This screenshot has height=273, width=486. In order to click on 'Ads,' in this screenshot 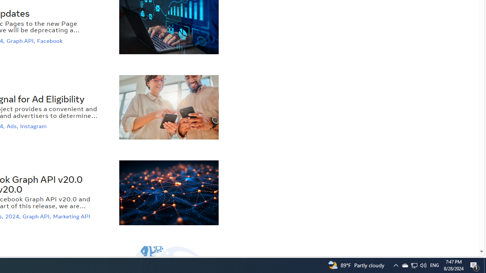, I will do `click(13, 126)`.